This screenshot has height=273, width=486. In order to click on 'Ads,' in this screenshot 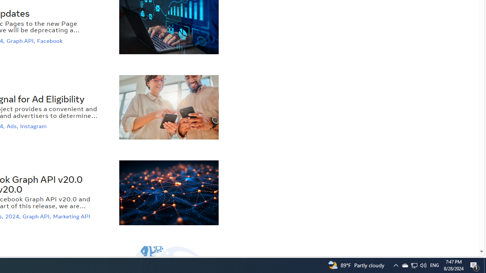, I will do `click(13, 126)`.